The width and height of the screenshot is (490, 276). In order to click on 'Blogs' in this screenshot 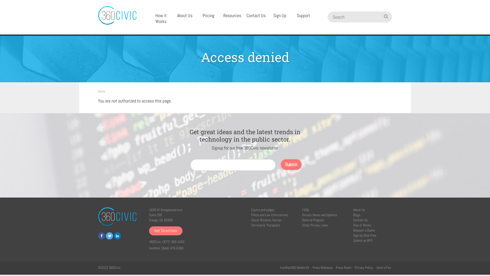, I will do `click(356, 215)`.